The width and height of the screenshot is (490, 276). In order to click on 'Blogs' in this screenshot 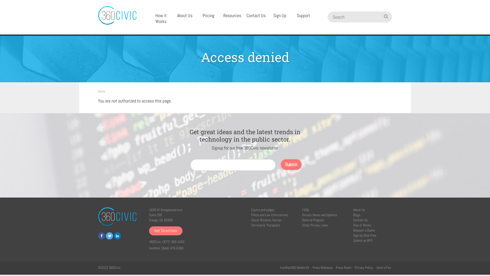, I will do `click(356, 215)`.